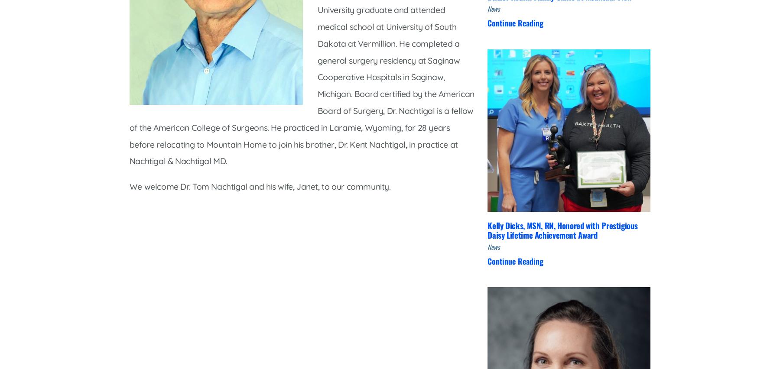 The height and width of the screenshot is (369, 780). Describe the element at coordinates (645, 142) in the screenshot. I see `'Volunteer'` at that location.